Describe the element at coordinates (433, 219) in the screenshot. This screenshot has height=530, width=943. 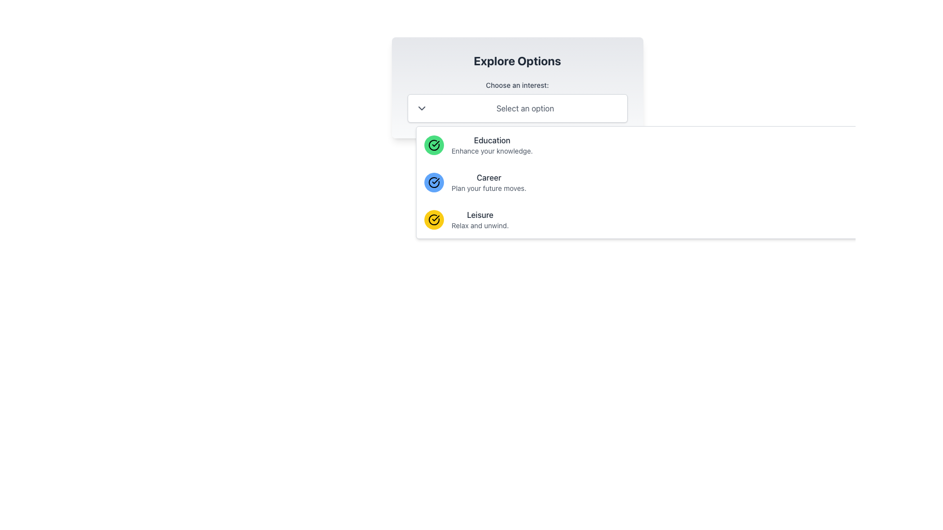
I see `the circular icon with a yellow background and a black checkmark, which is positioned to the left of the text 'Leisure' and 'Relax and unwind.'` at that location.